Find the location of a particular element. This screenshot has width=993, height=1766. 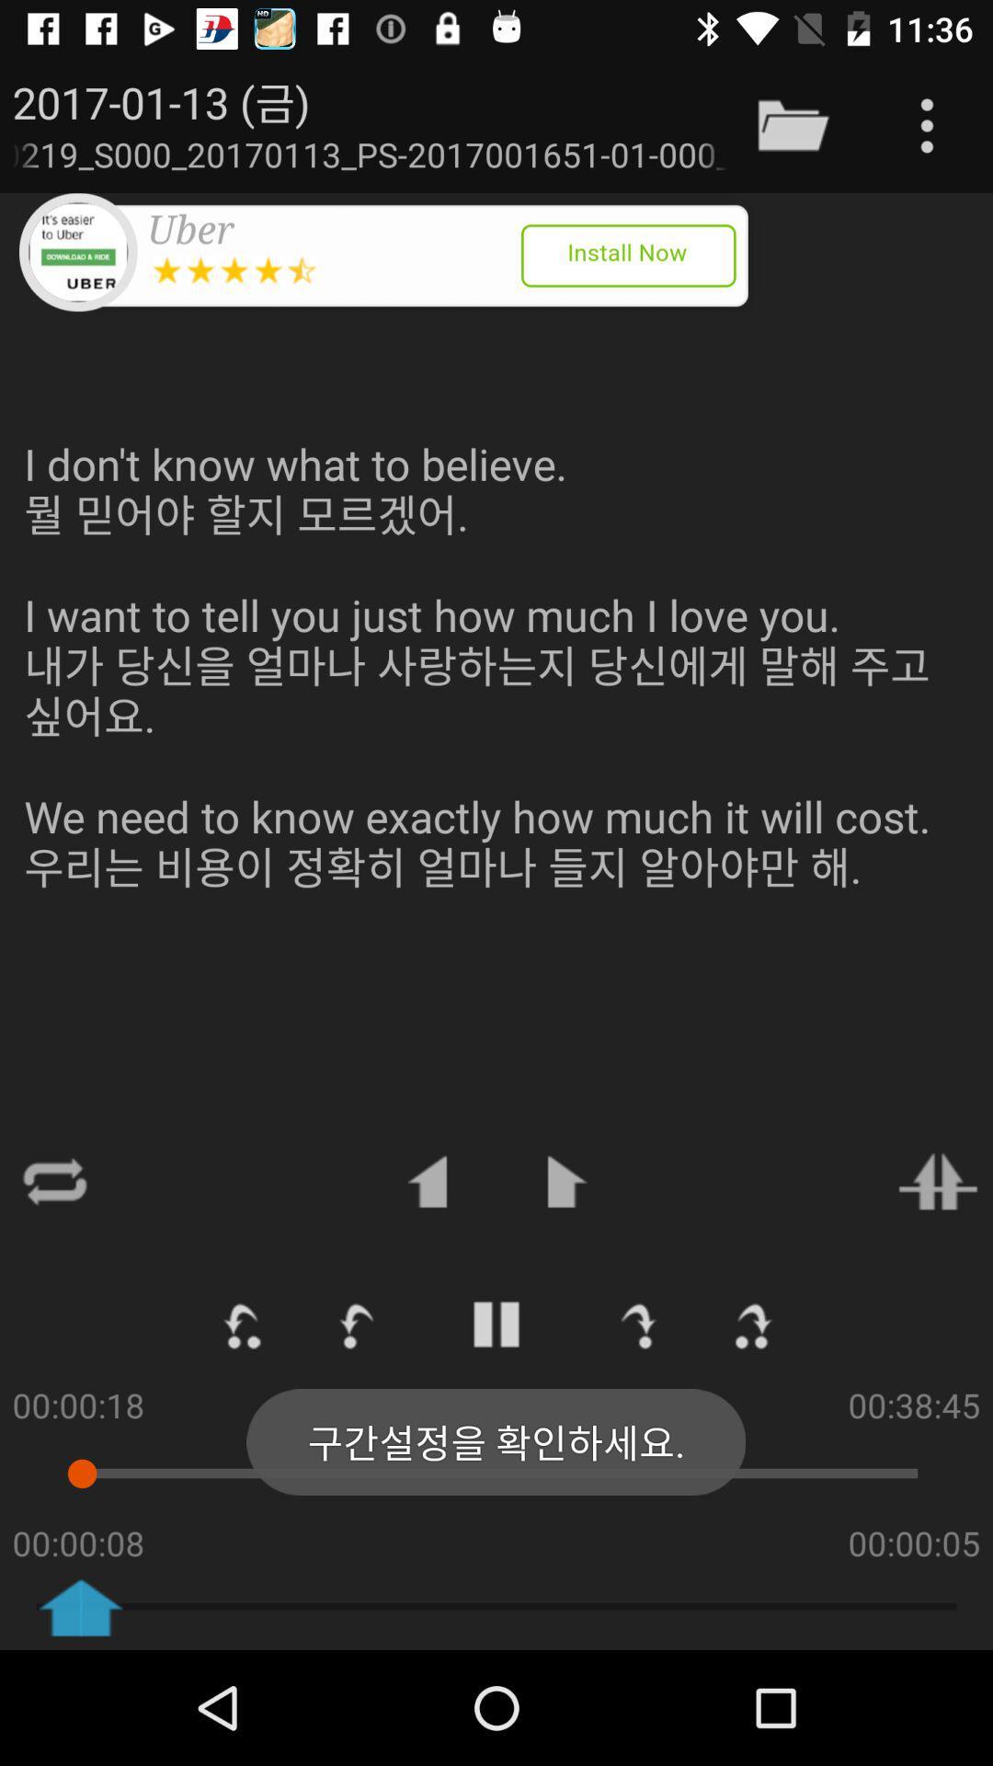

the more icon is located at coordinates (927, 124).